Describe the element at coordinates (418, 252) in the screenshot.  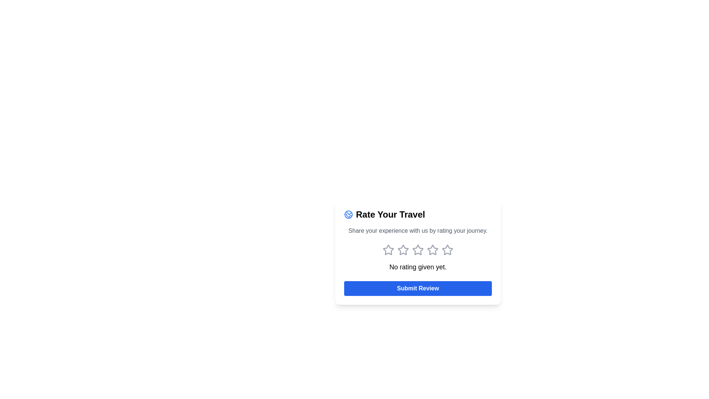
I see `the interactive stars in the 'Rate Your Travel' section` at that location.